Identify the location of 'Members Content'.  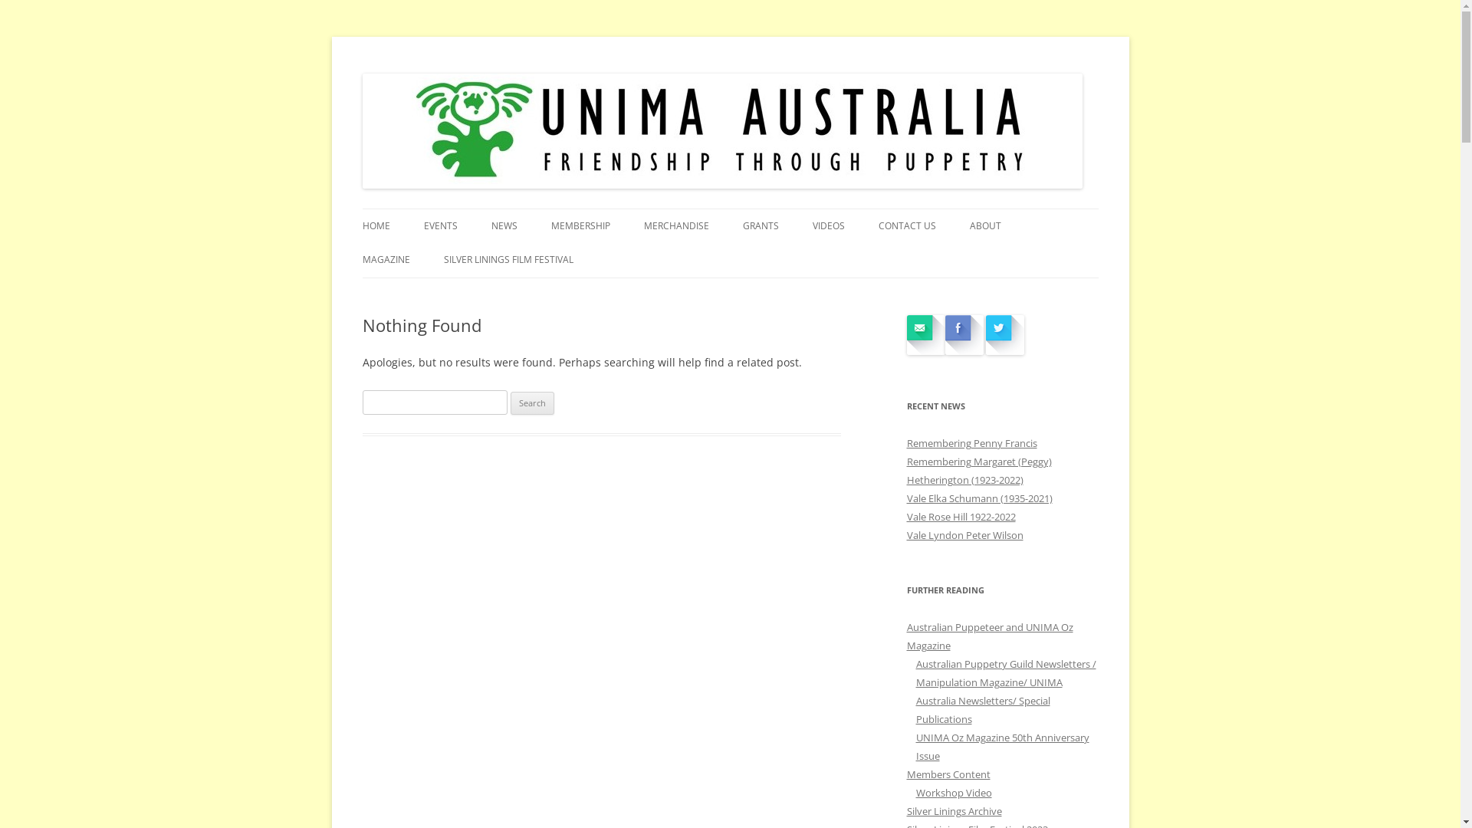
(905, 774).